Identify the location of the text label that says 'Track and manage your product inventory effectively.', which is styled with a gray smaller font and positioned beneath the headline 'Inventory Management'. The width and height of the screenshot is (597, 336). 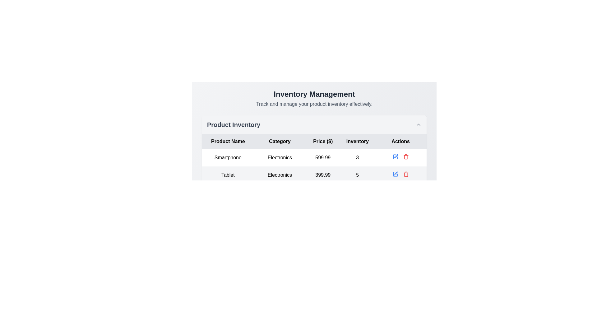
(314, 104).